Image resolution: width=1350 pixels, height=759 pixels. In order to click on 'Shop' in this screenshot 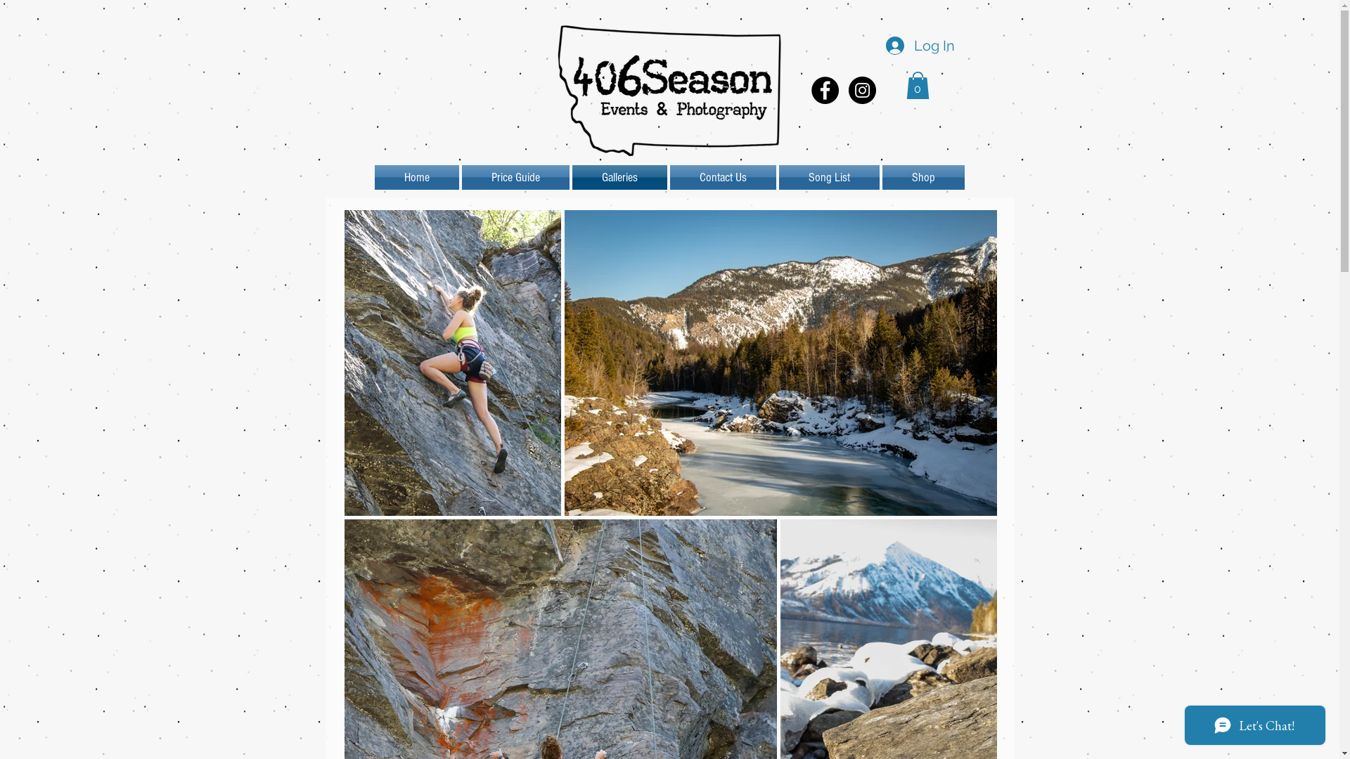, I will do `click(922, 176)`.